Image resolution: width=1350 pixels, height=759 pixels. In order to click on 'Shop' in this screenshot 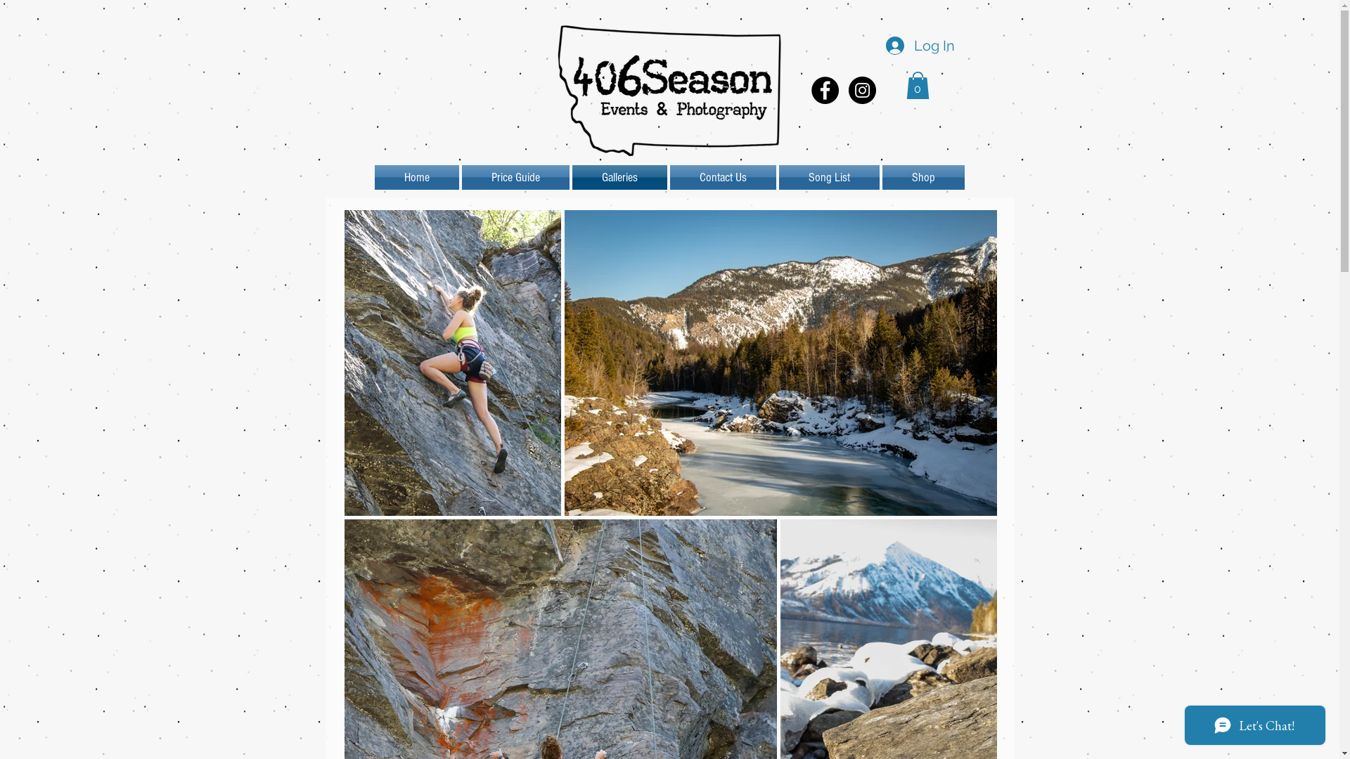, I will do `click(922, 176)`.